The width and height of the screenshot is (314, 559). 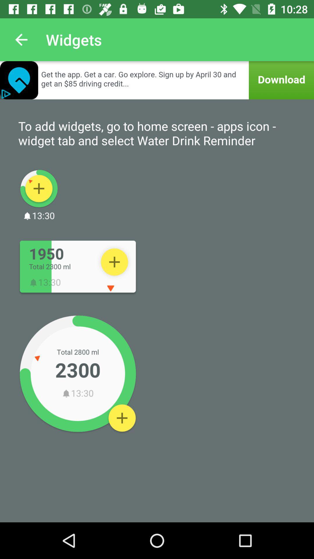 I want to click on the icon next to the widgets icon, so click(x=21, y=39).